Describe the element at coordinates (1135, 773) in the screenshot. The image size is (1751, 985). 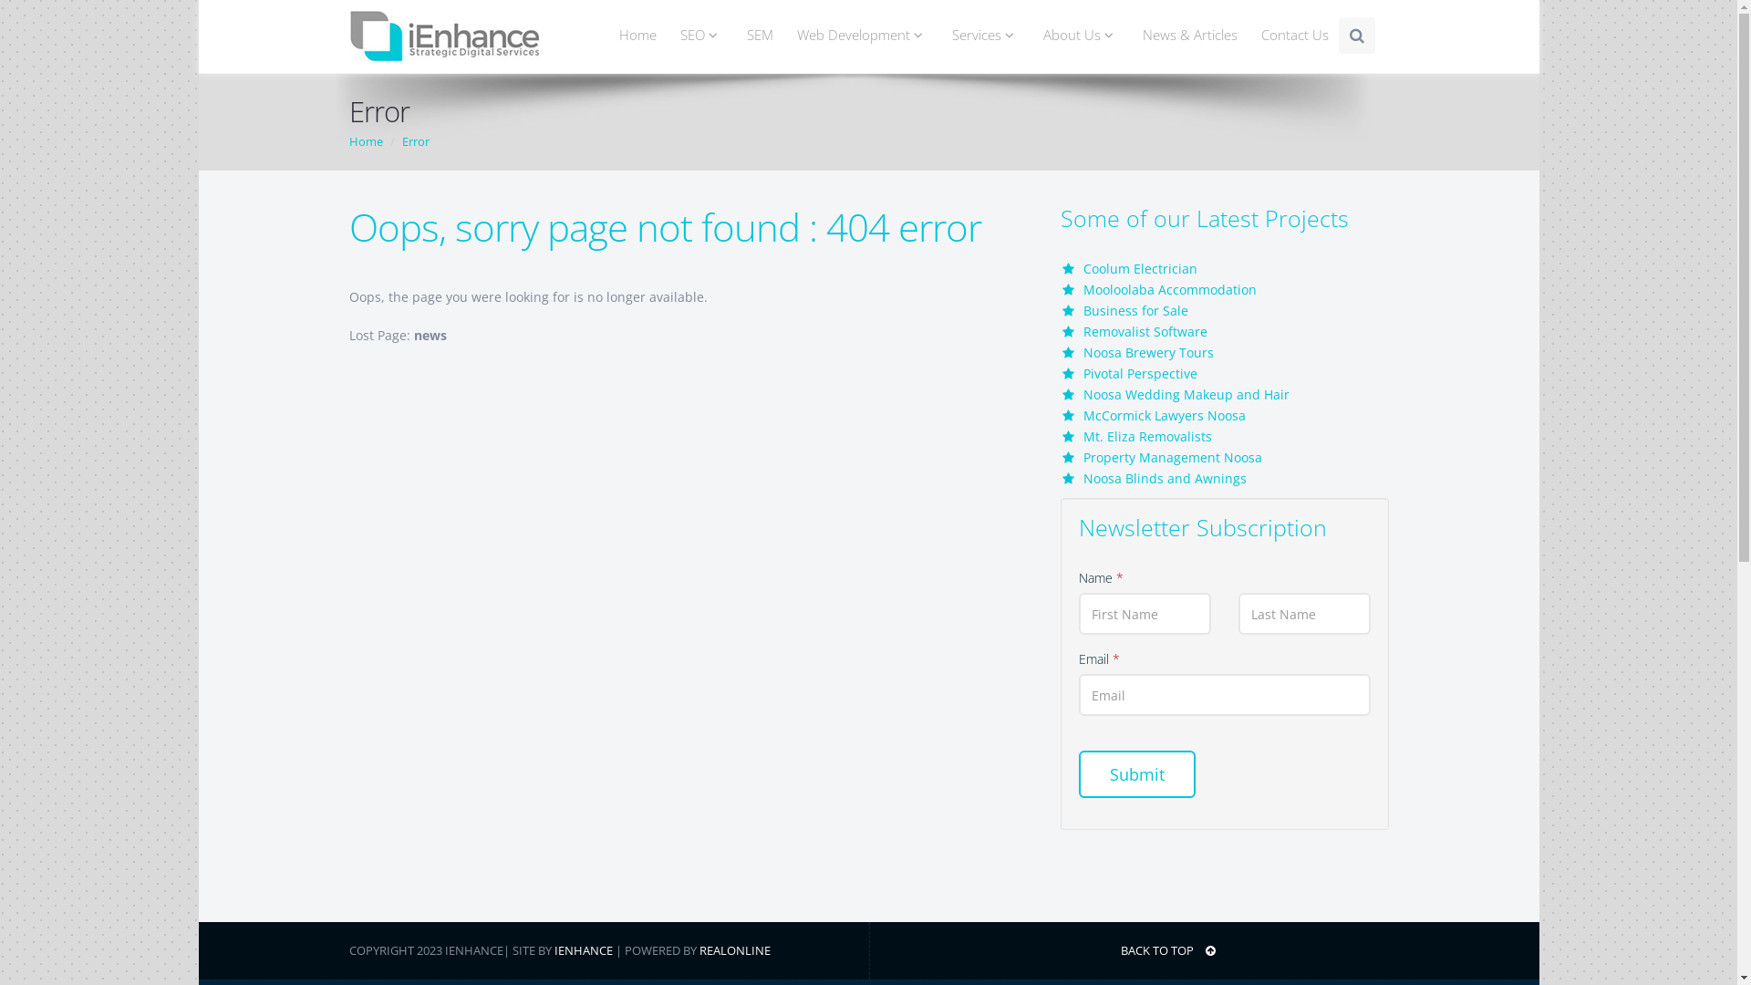
I see `'Submit'` at that location.